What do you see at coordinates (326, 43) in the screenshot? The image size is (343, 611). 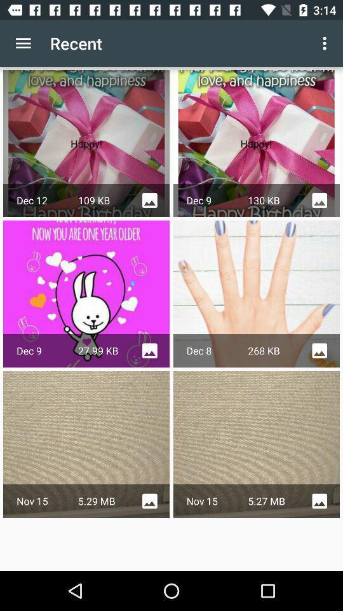 I see `app next to the recent item` at bounding box center [326, 43].